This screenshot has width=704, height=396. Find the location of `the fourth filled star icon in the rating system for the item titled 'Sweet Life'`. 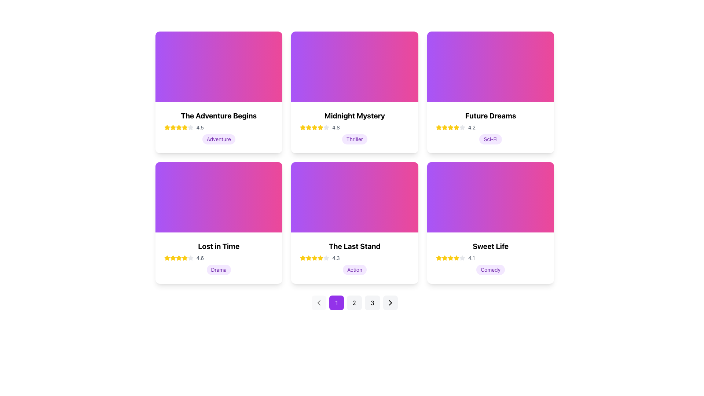

the fourth filled star icon in the rating system for the item titled 'Sweet Life' is located at coordinates (450, 258).